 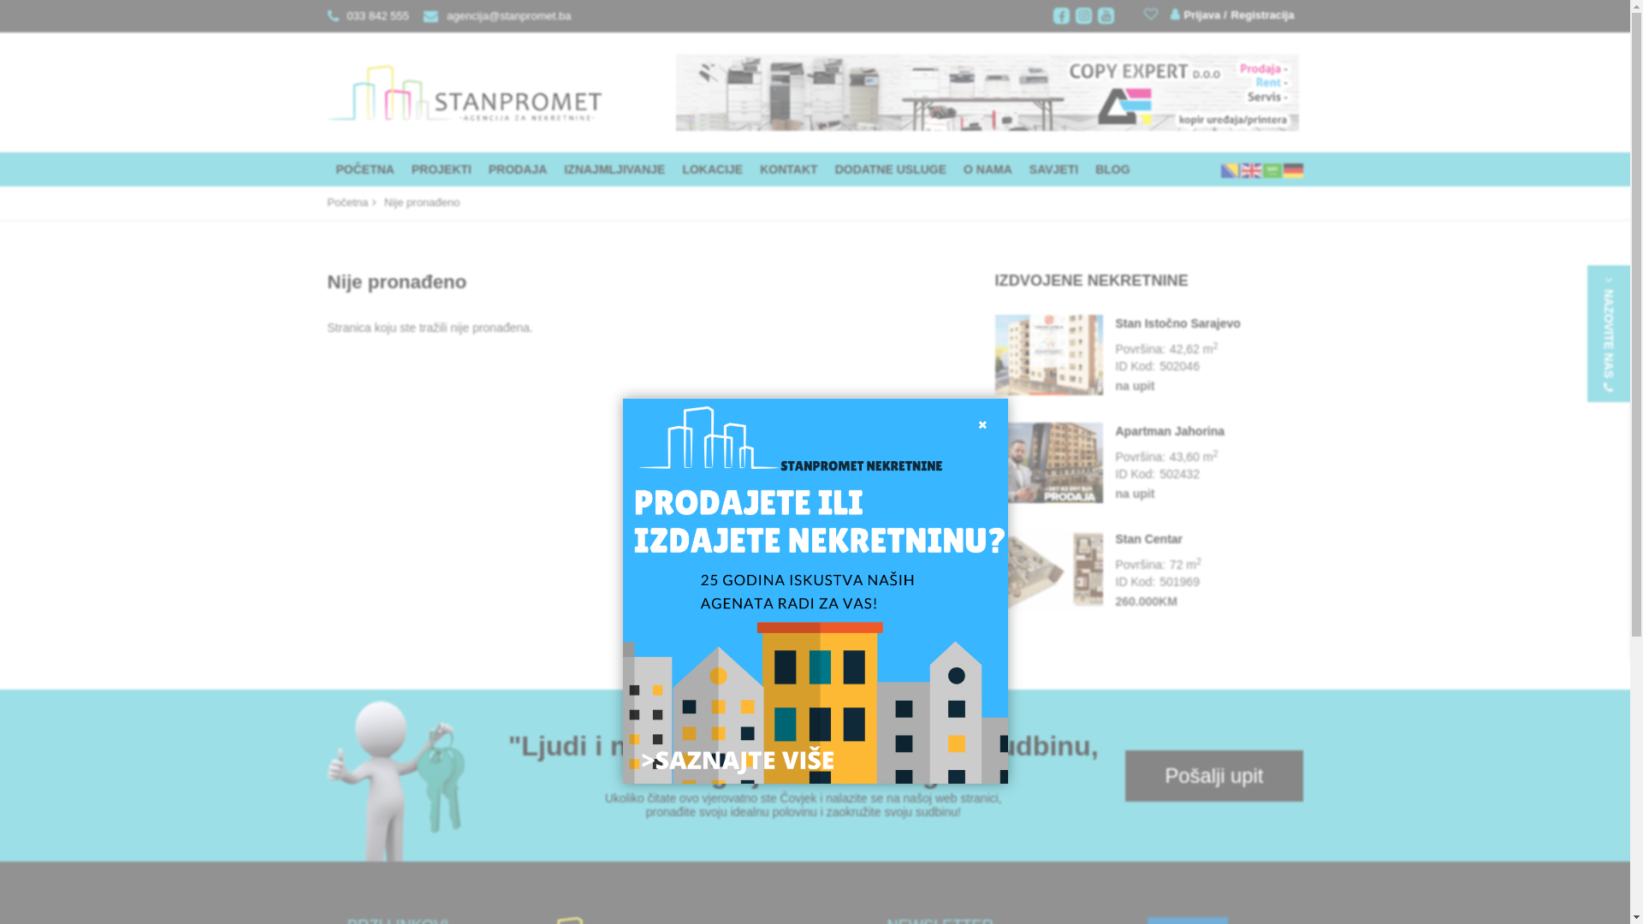 What do you see at coordinates (1259, 15) in the screenshot?
I see `'Registracija'` at bounding box center [1259, 15].